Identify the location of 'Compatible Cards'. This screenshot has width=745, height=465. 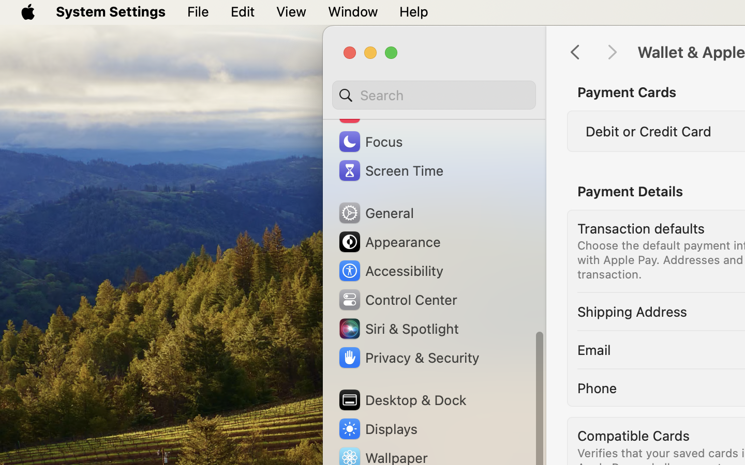
(633, 435).